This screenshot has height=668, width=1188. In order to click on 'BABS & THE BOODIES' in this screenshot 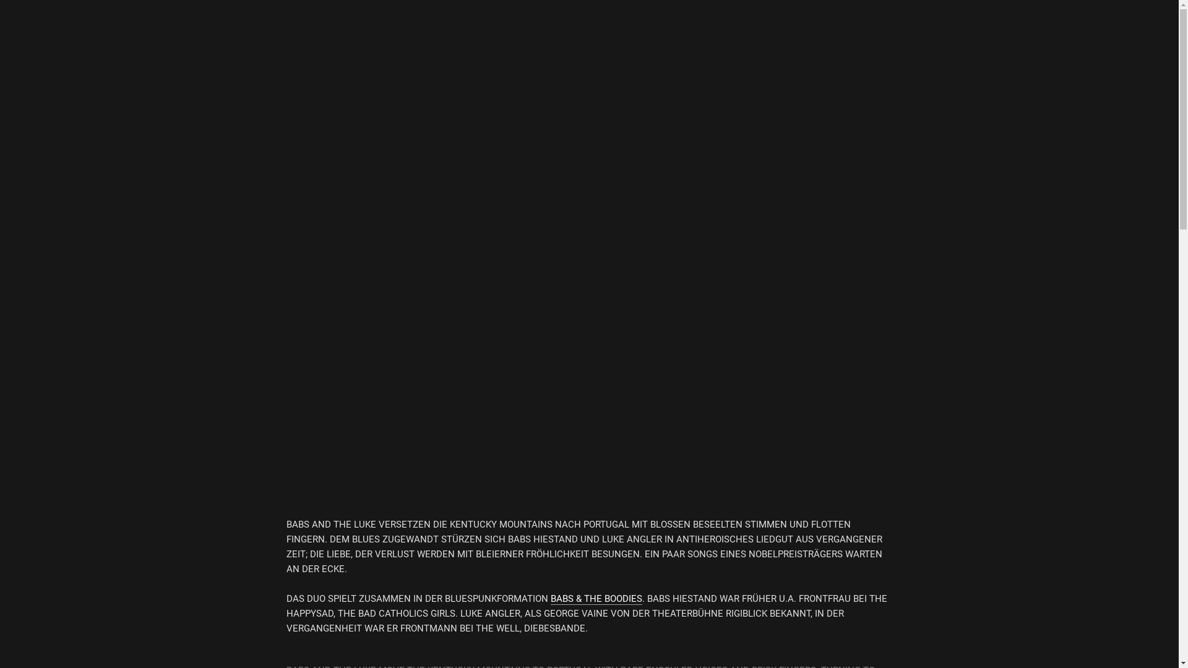, I will do `click(596, 598)`.